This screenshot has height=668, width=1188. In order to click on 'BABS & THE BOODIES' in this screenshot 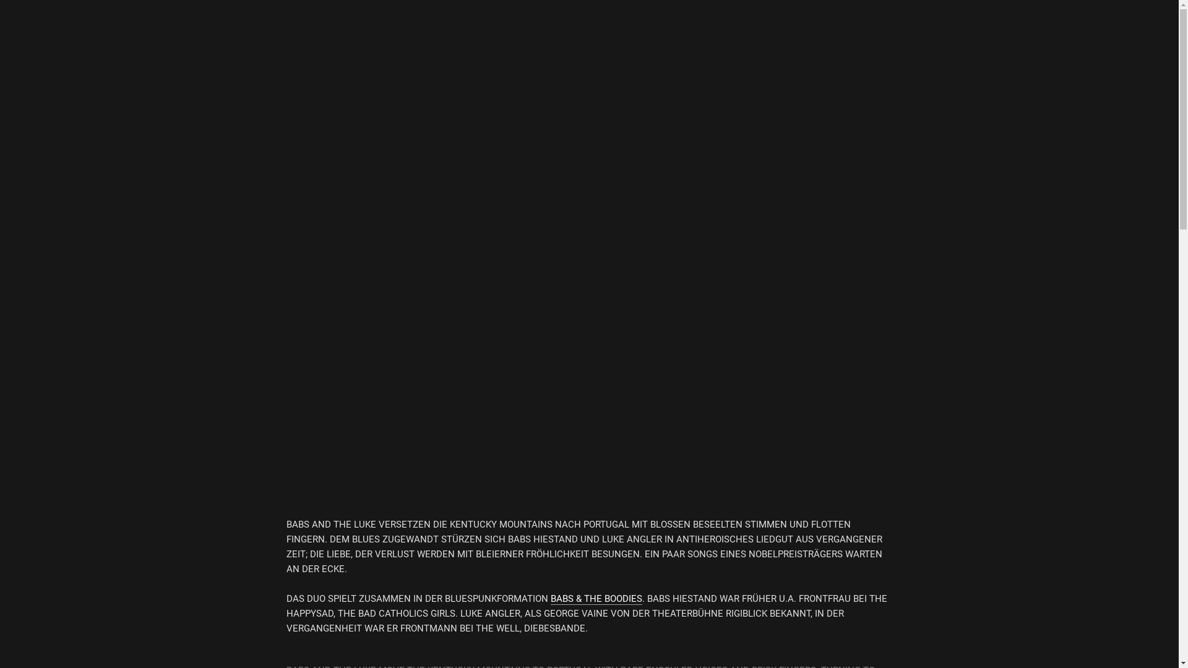, I will do `click(596, 598)`.